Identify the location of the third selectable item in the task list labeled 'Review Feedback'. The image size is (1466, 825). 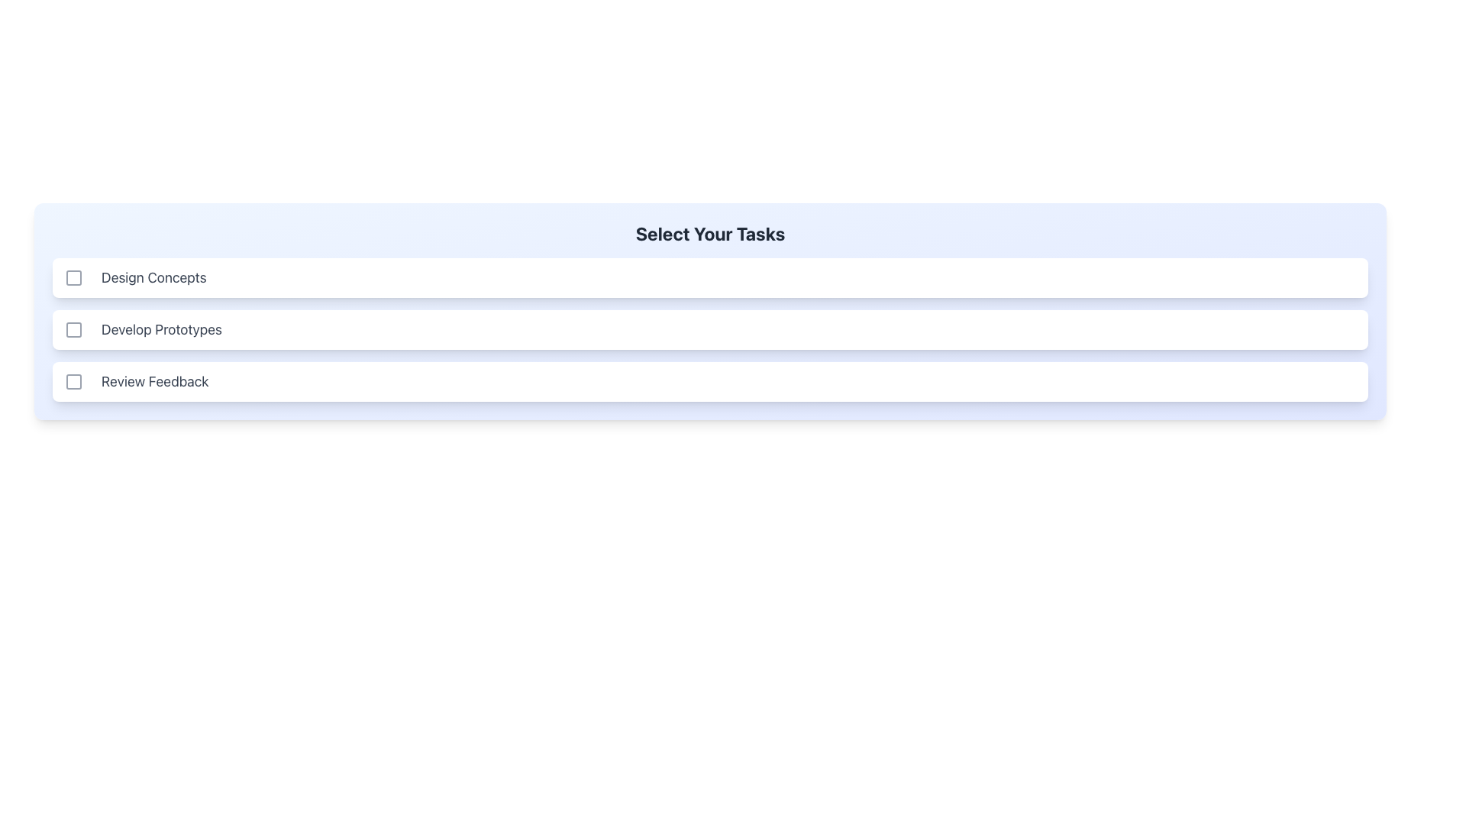
(709, 381).